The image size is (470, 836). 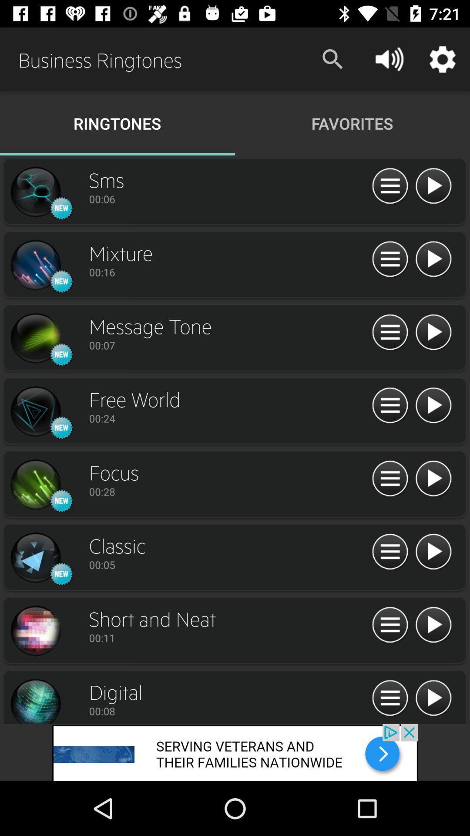 I want to click on click the icon for short and neat, so click(x=35, y=631).